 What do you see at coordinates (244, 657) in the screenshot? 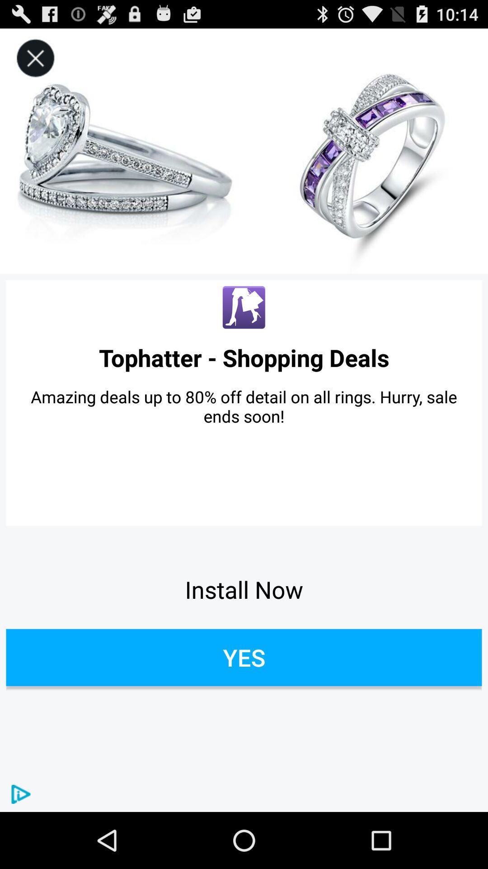
I see `the yes button` at bounding box center [244, 657].